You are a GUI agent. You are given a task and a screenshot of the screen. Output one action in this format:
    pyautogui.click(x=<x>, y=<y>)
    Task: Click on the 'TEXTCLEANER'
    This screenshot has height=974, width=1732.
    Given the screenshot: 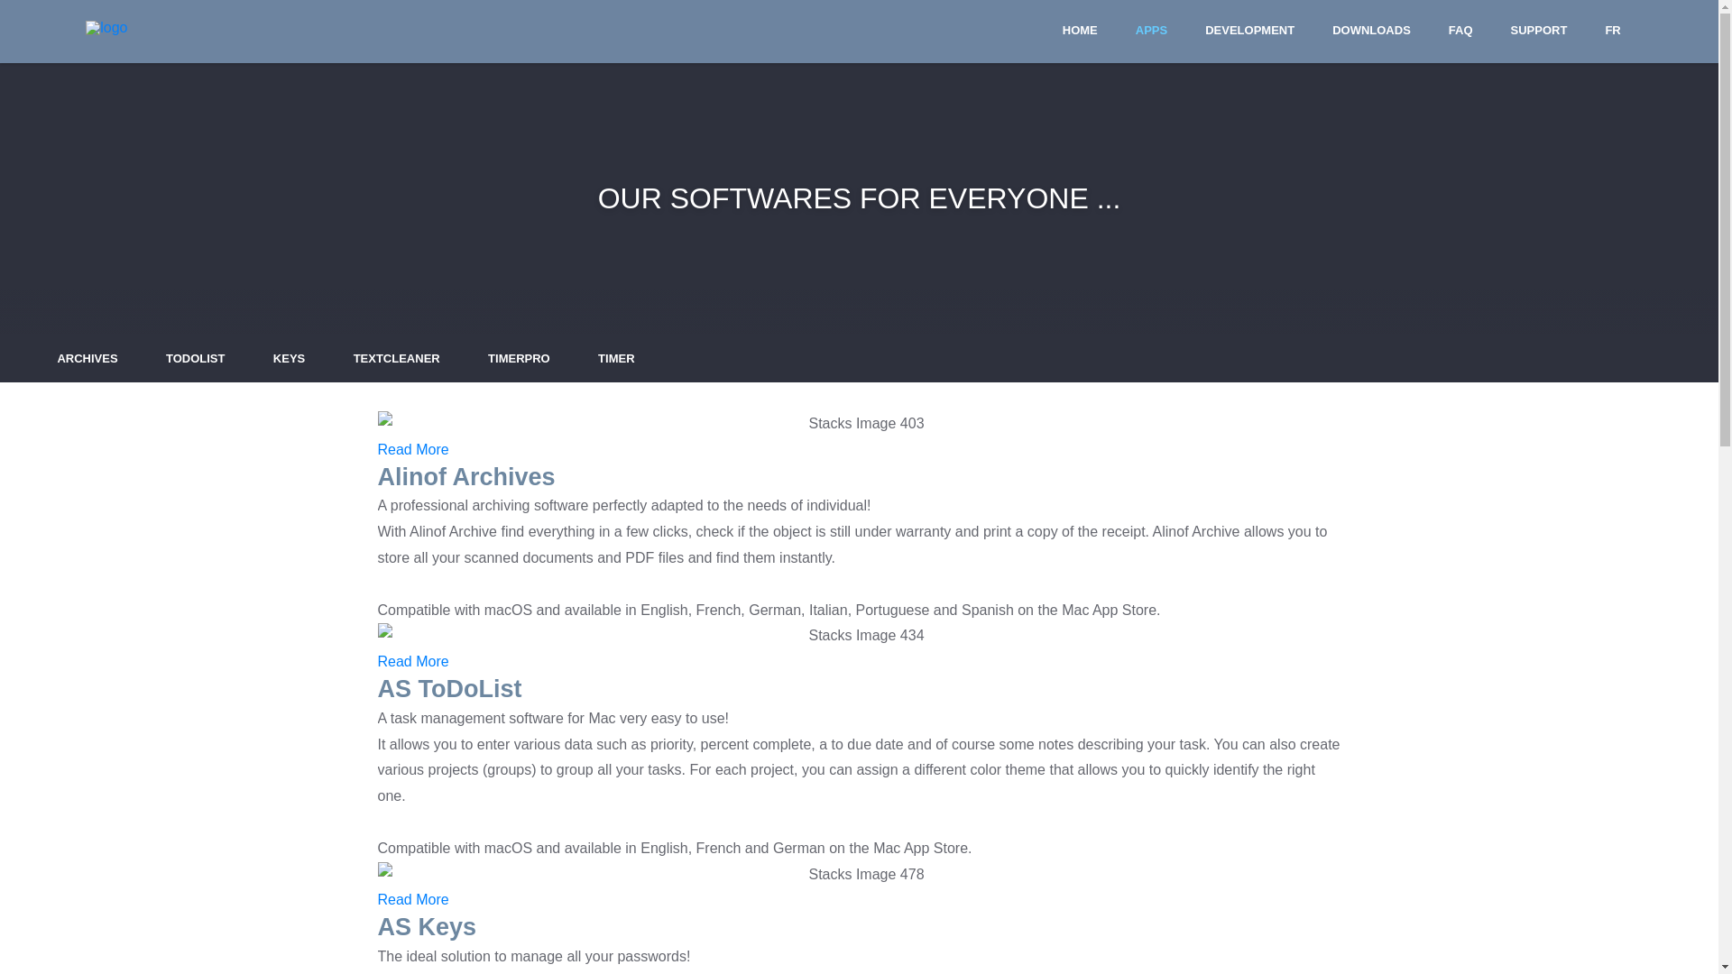 What is the action you would take?
    pyautogui.click(x=396, y=358)
    